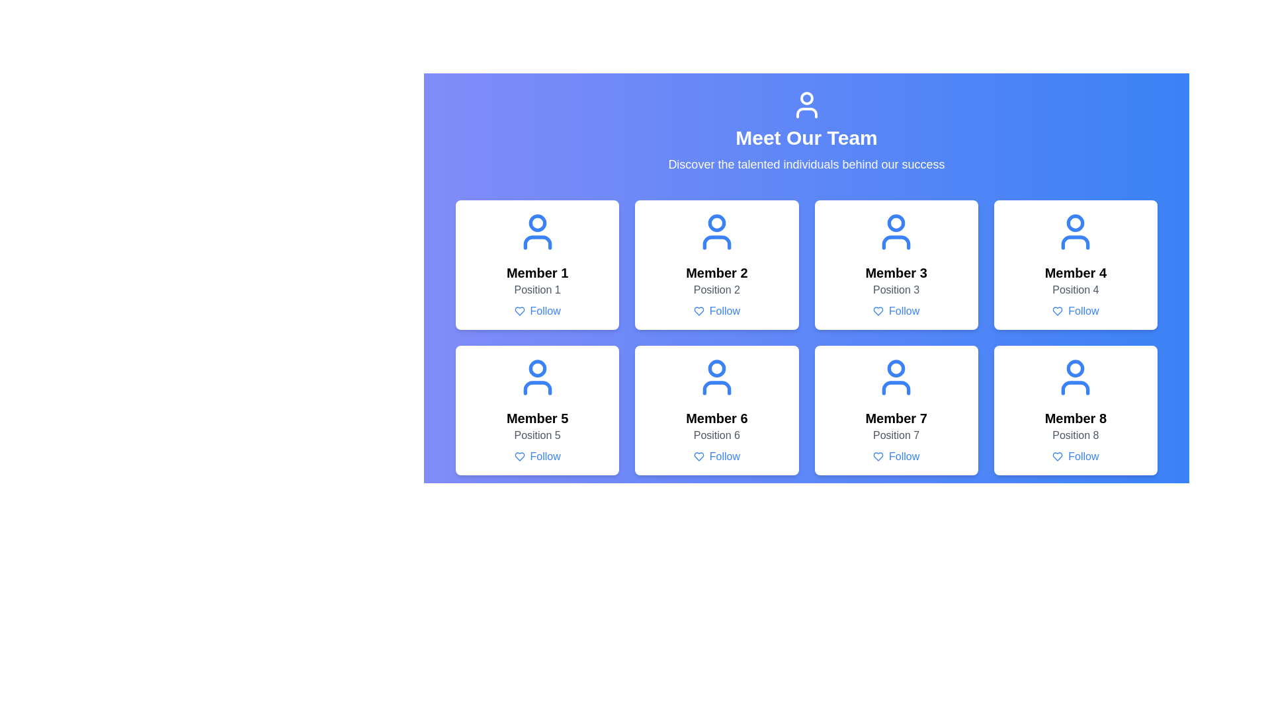  Describe the element at coordinates (1076, 231) in the screenshot. I see `the blue human outline icon located at the top-right corner of the 'Member 4' card` at that location.